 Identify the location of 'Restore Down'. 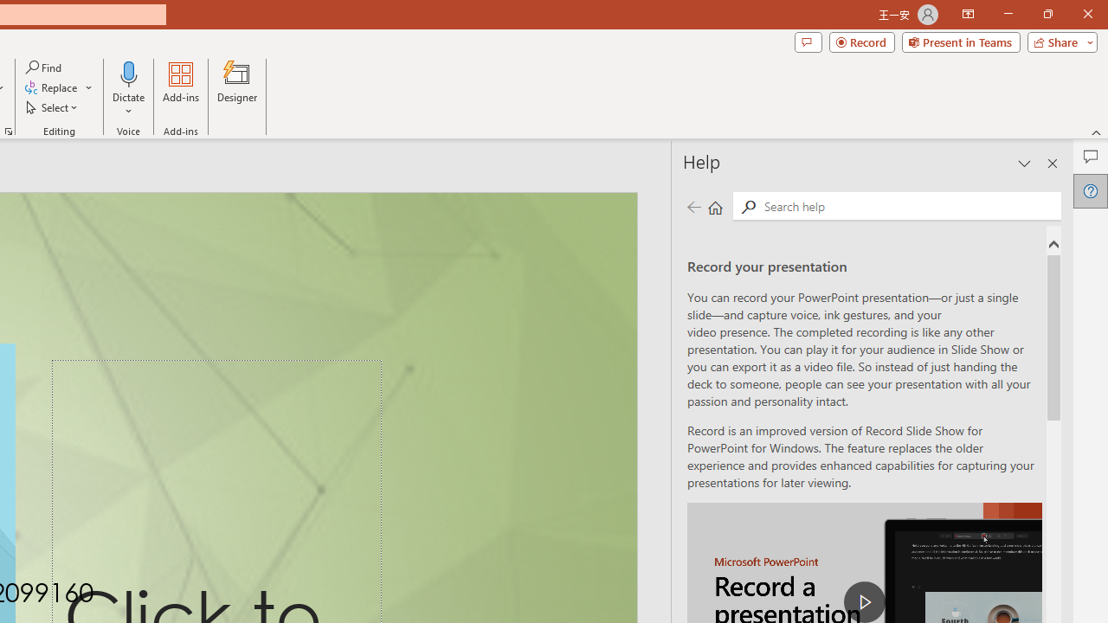
(1047, 14).